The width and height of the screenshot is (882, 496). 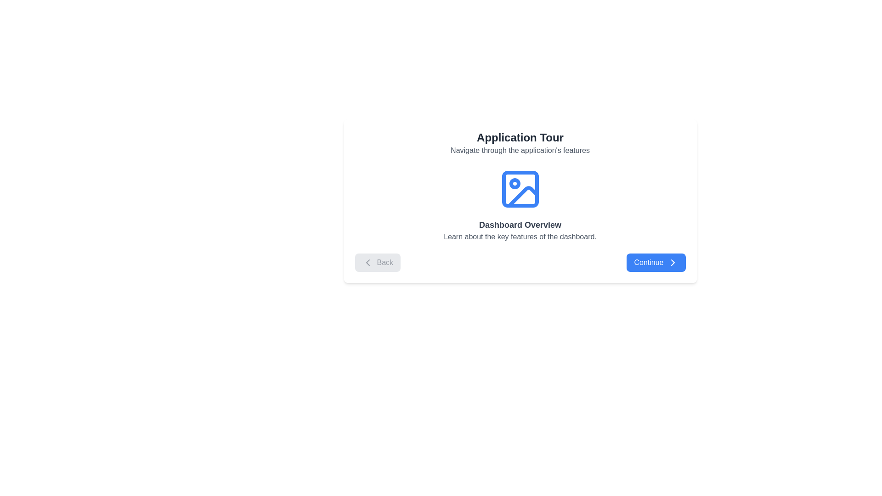 What do you see at coordinates (367, 262) in the screenshot?
I see `the left-pointing chevron arrow icon within the 'Back' button for accessibility purposes` at bounding box center [367, 262].